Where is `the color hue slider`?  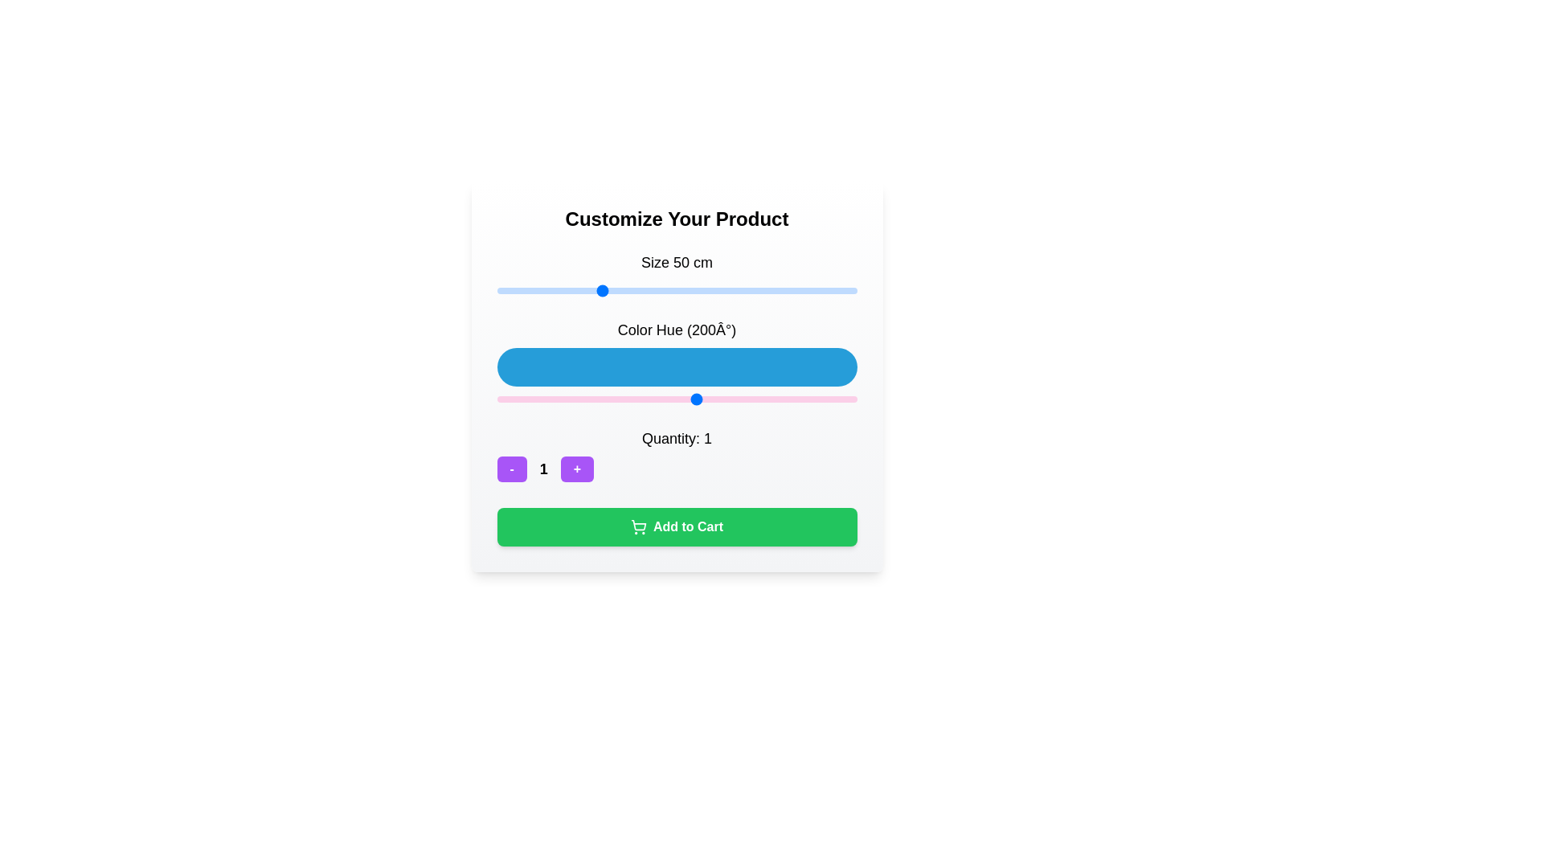 the color hue slider is located at coordinates (606, 399).